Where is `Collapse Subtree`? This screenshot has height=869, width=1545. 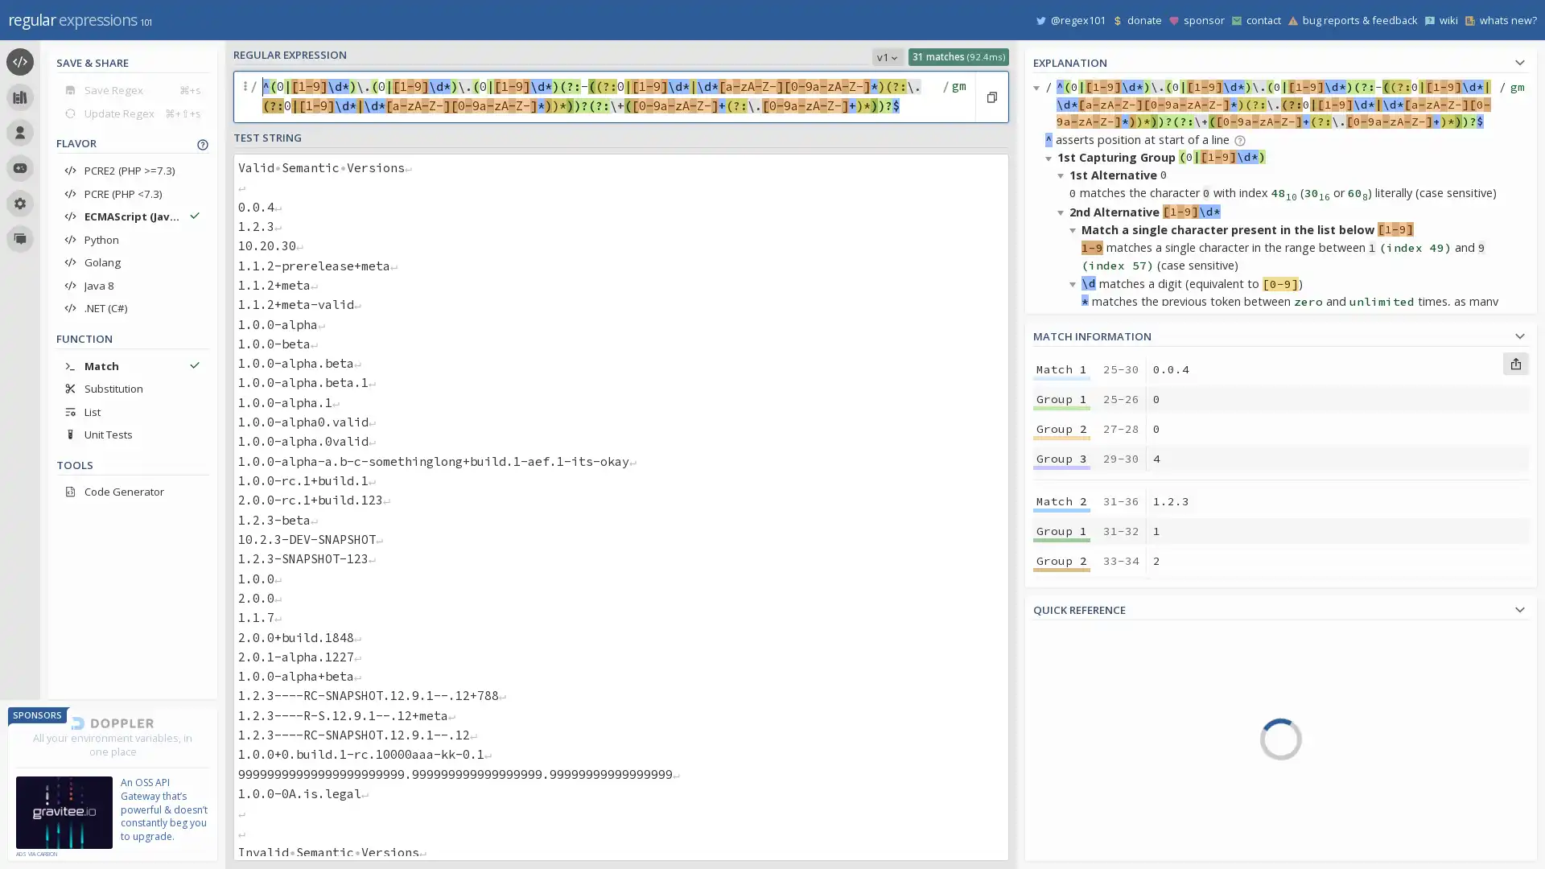
Collapse Subtree is located at coordinates (1075, 229).